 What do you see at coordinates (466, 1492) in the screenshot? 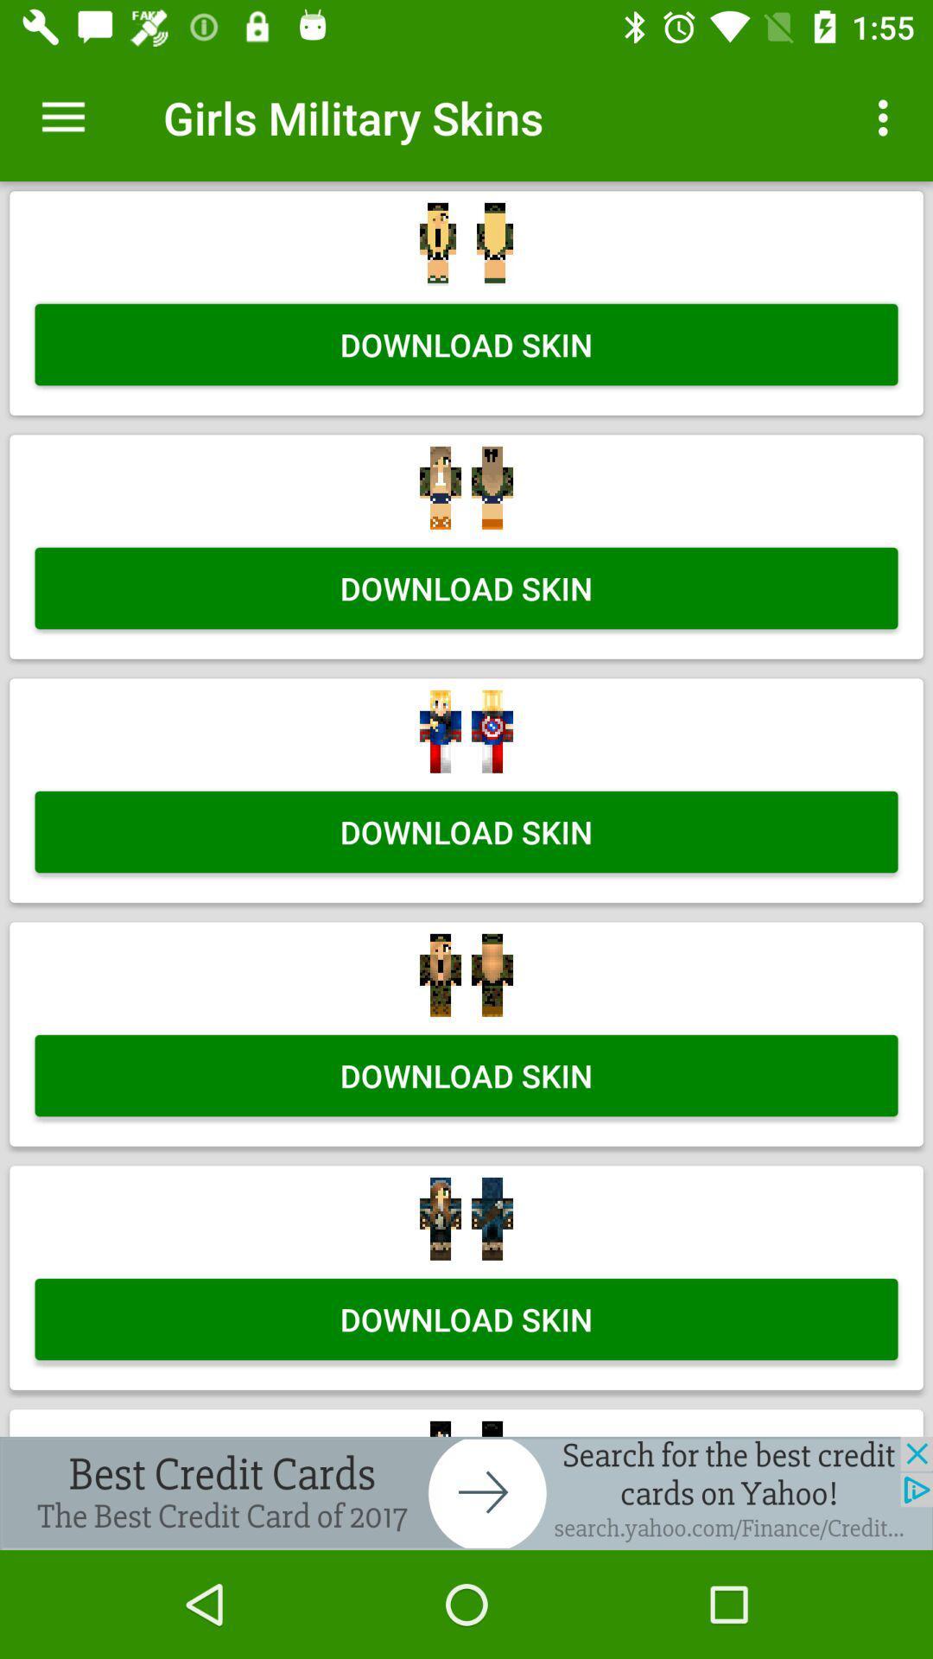
I see `go back` at bounding box center [466, 1492].